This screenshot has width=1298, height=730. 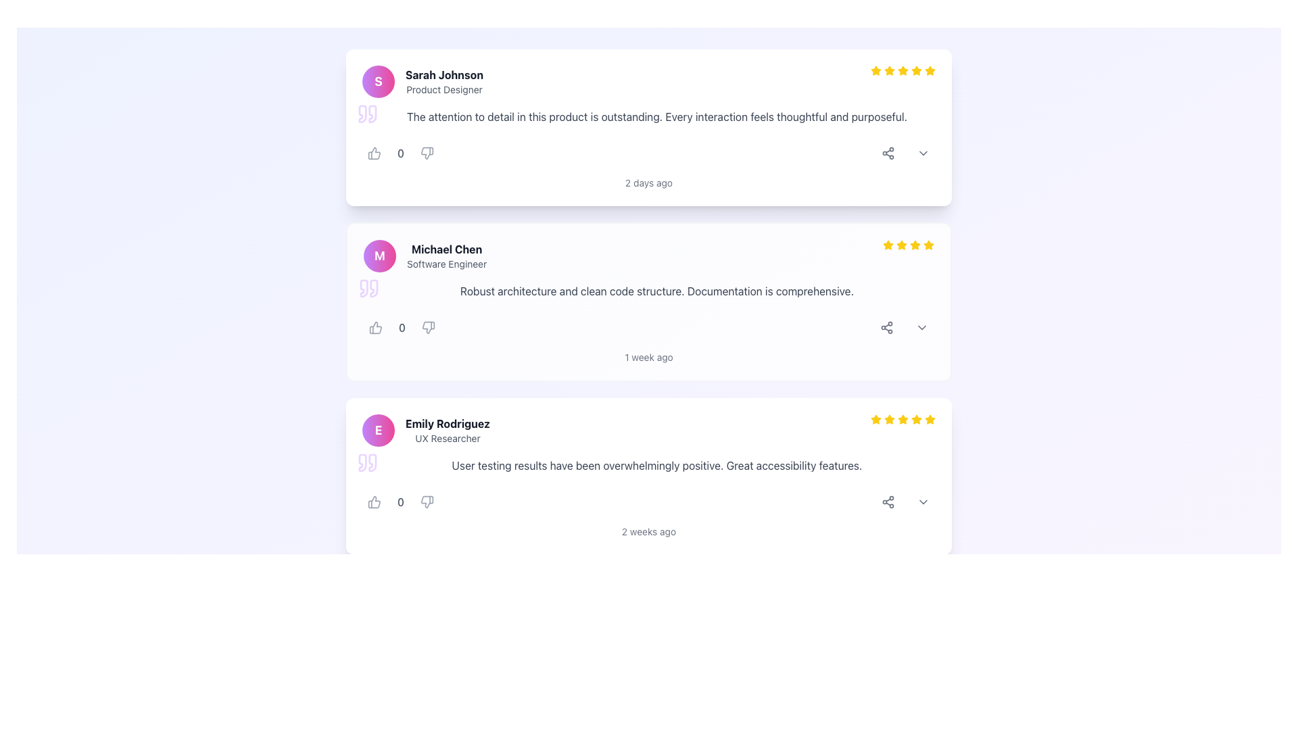 I want to click on the fifth yellow star-shaped rating icon located in the top-right corner of the uppermost review card, so click(x=930, y=70).